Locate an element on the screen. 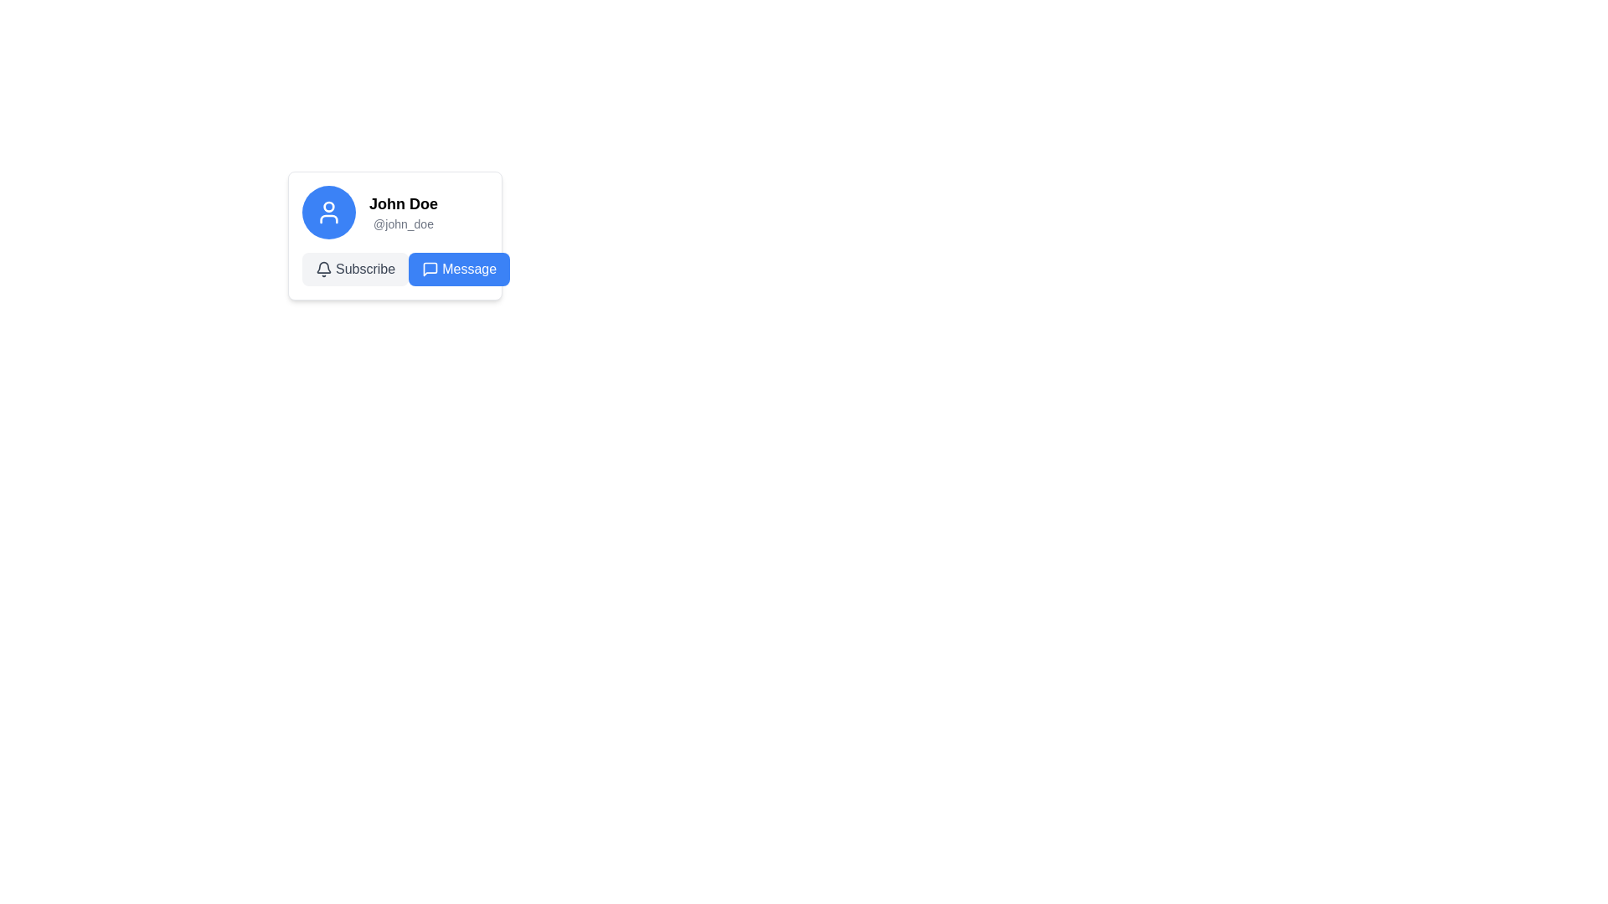  the speech bubble icon, which is an outlined rectangular icon with rounded corners, located within the blue 'Message' button, to the left of the text label 'Message' is located at coordinates (430, 268).